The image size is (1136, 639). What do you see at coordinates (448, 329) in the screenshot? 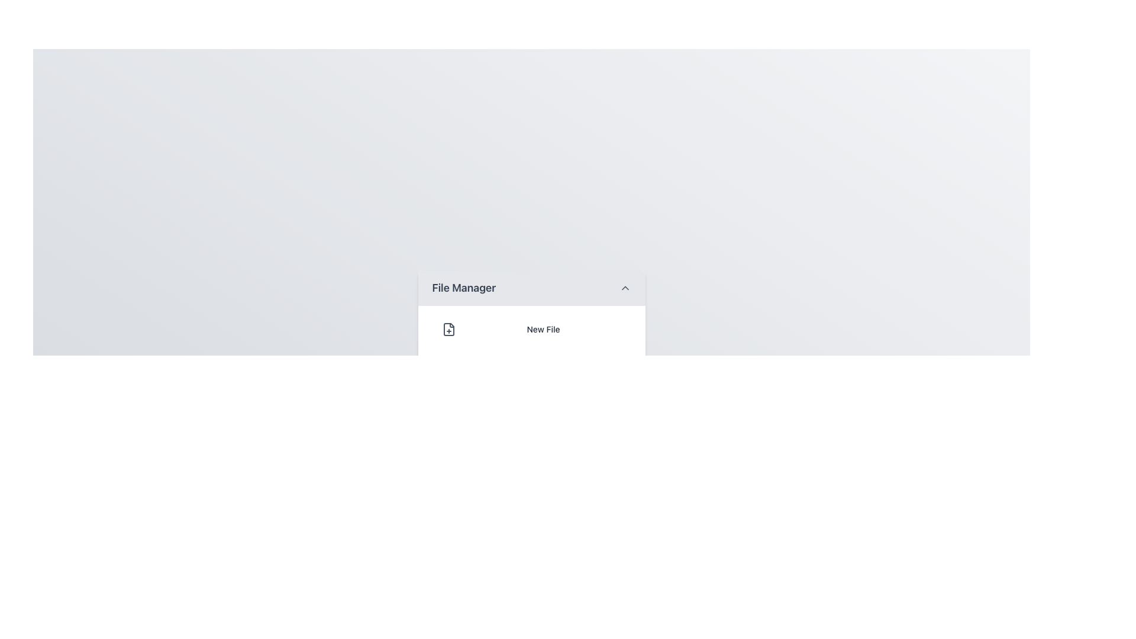
I see `the icon indicating the functionality of creating or adding a new file, which is positioned to the left of the text 'New File'` at bounding box center [448, 329].